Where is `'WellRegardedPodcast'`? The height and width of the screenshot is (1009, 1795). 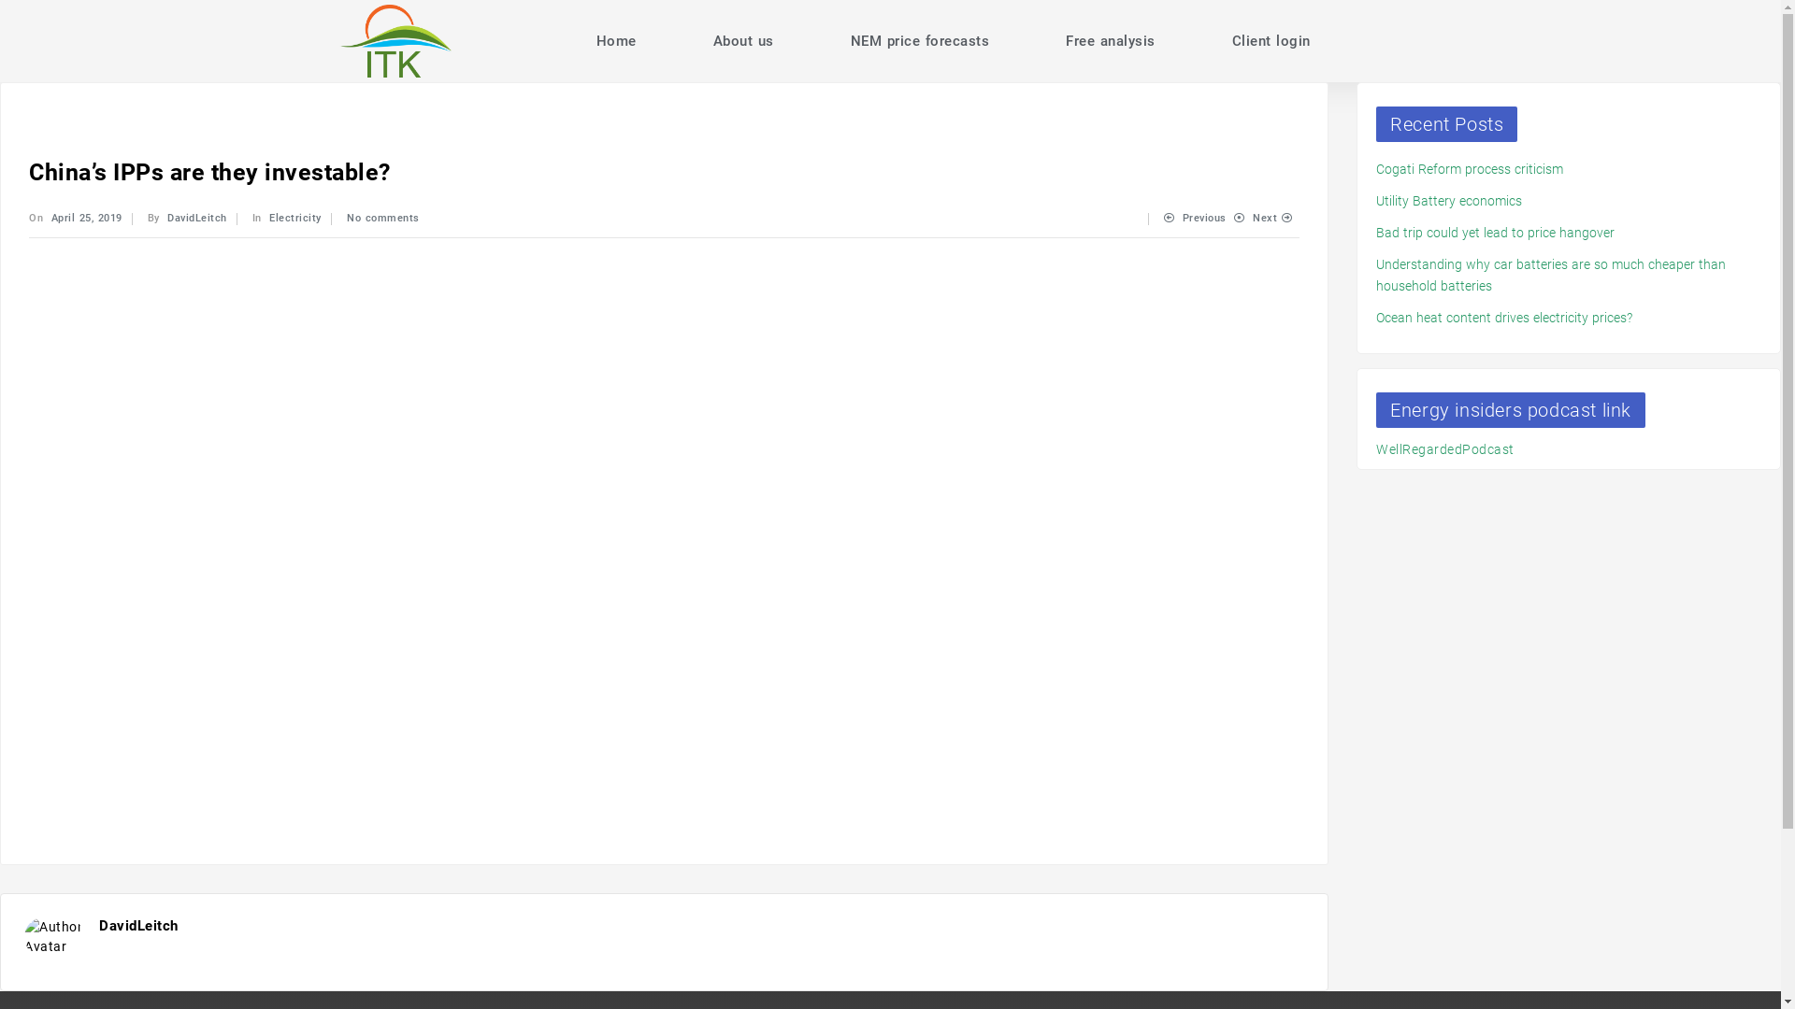 'WellRegardedPodcast' is located at coordinates (1443, 449).